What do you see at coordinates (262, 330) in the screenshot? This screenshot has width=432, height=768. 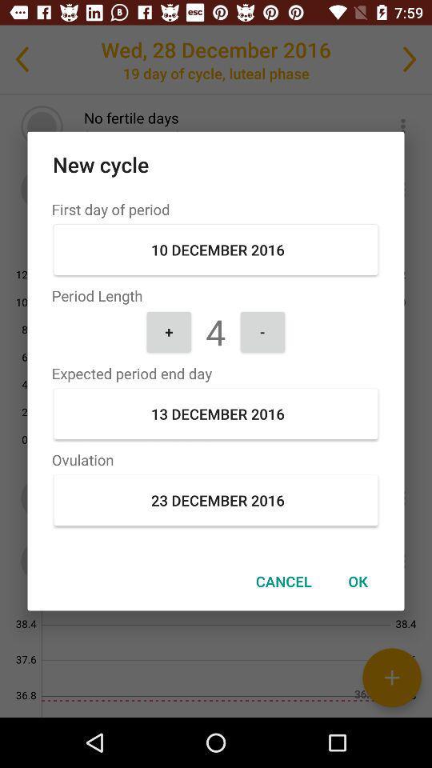 I see `the - item` at bounding box center [262, 330].